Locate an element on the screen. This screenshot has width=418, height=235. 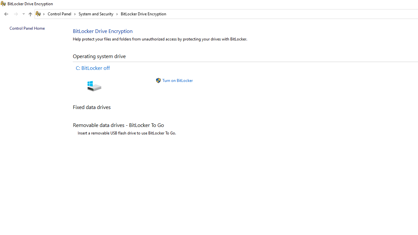
'Forward (Alt + Right Arrow)' is located at coordinates (16, 14).